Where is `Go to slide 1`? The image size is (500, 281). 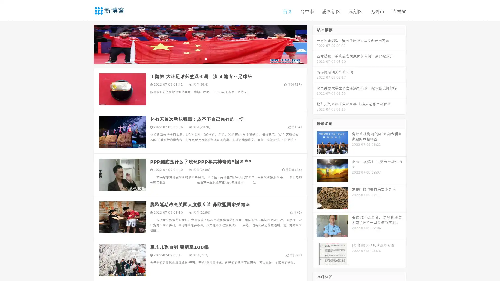
Go to slide 1 is located at coordinates (195, 59).